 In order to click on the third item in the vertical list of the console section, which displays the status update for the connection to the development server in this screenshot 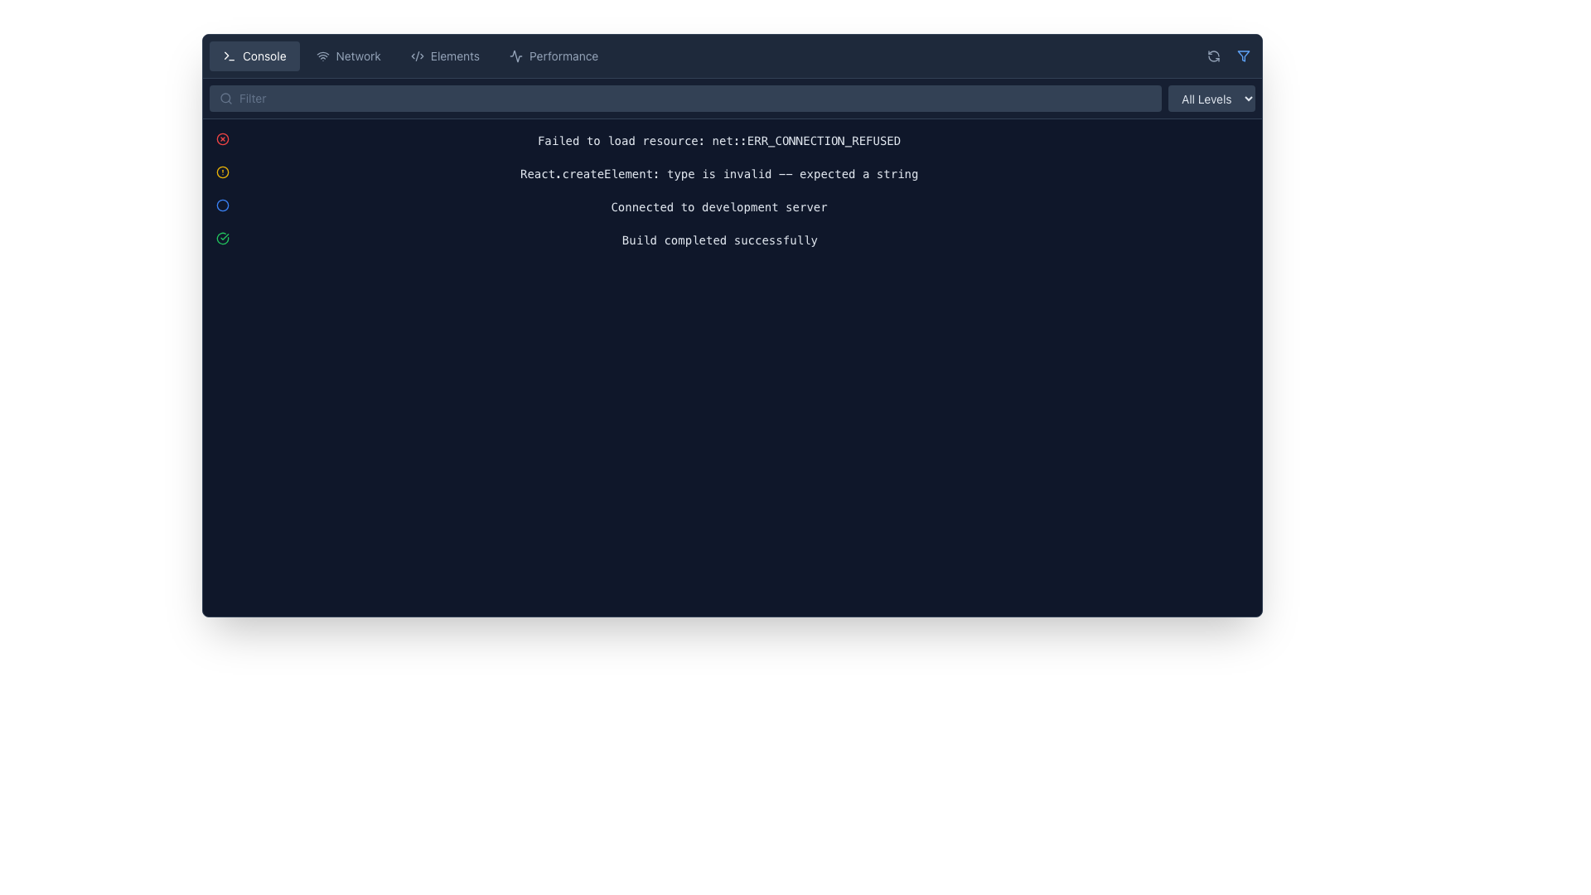, I will do `click(731, 206)`.